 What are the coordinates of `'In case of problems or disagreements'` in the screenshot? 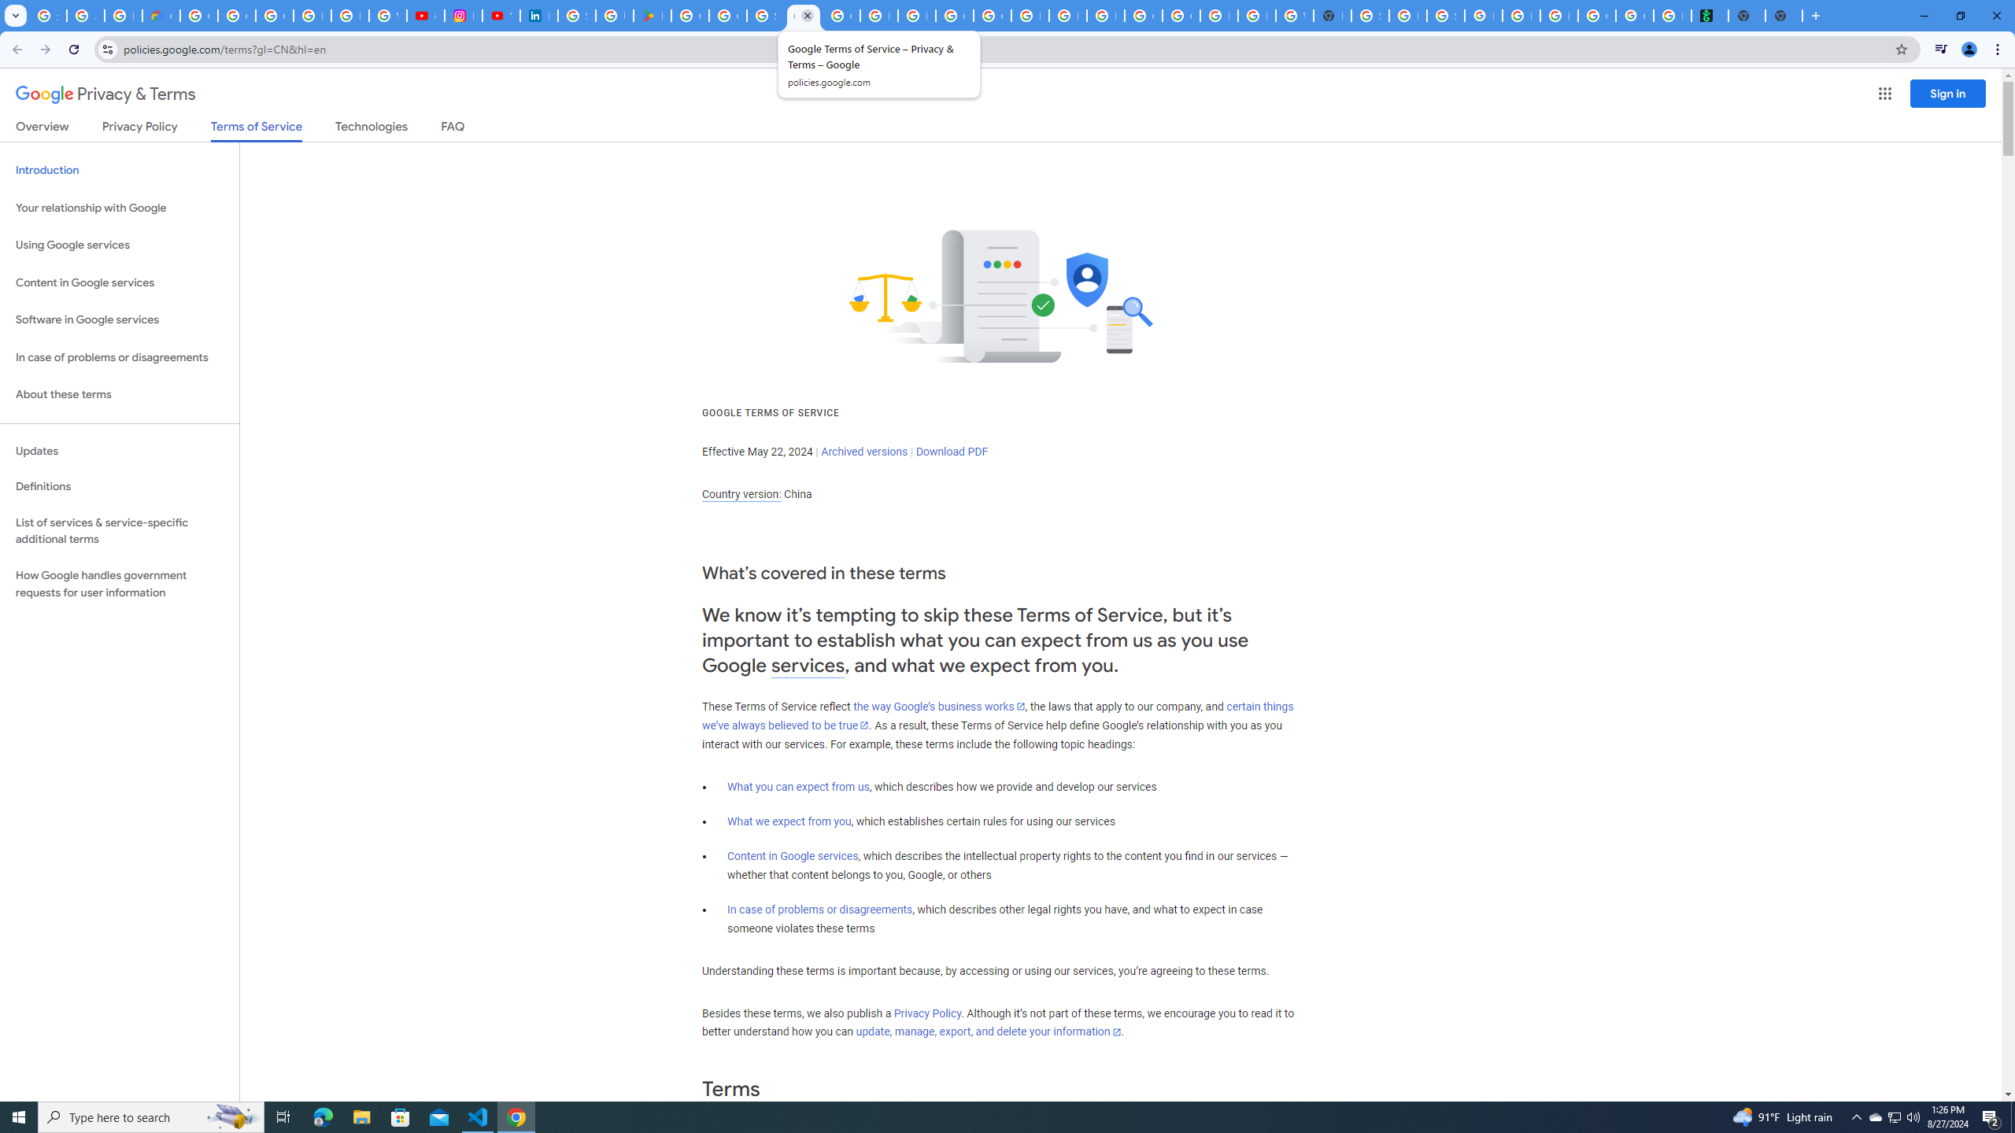 It's located at (819, 910).